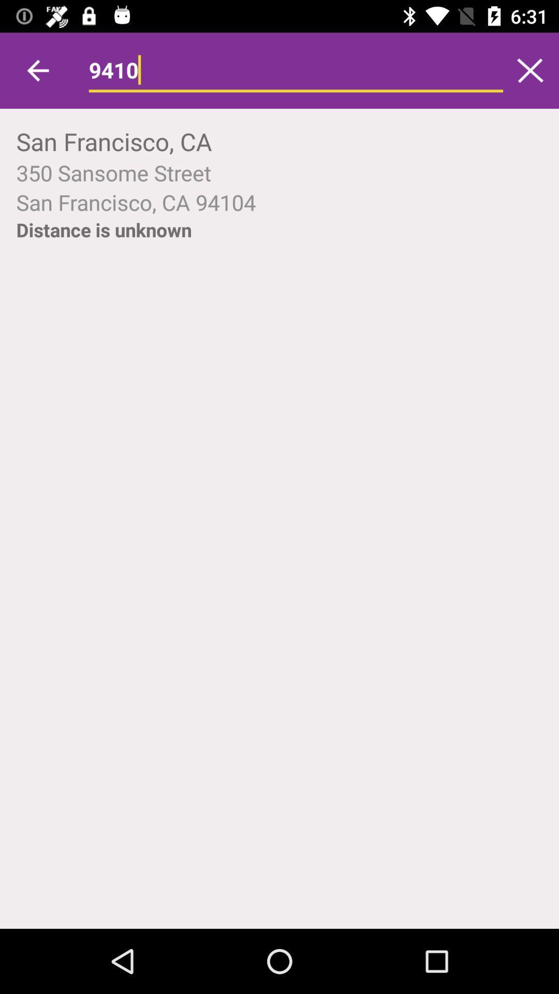  I want to click on clear search bar, so click(530, 70).